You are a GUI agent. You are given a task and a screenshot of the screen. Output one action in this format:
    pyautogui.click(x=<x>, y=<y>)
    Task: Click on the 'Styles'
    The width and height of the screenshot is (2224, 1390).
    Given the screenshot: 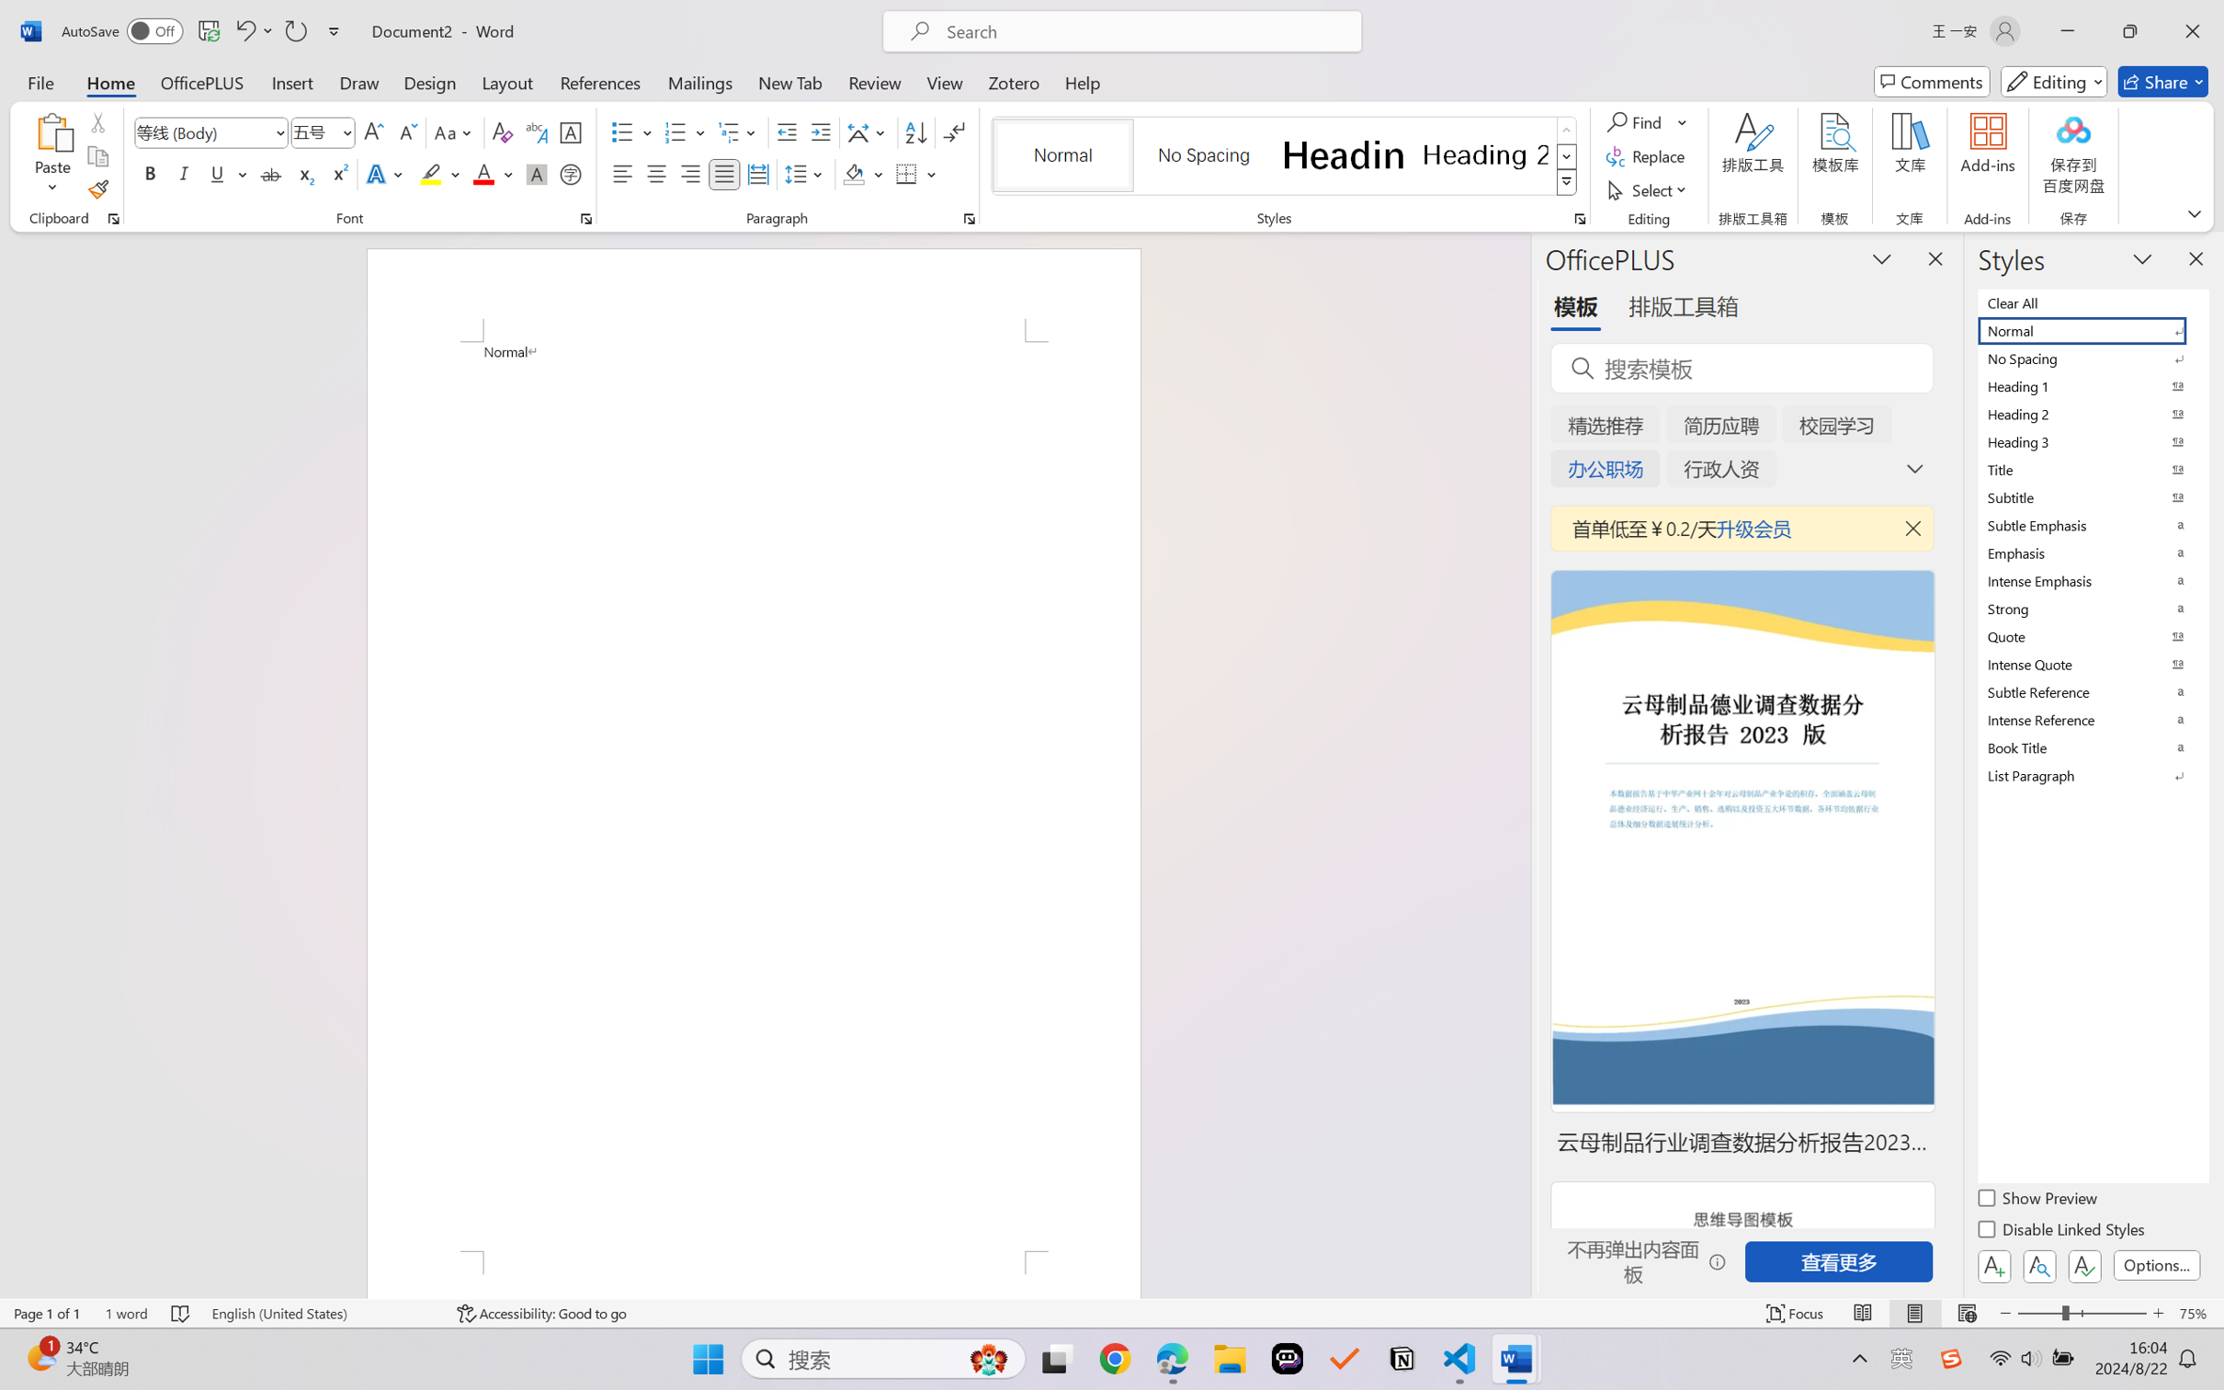 What is the action you would take?
    pyautogui.click(x=1565, y=182)
    